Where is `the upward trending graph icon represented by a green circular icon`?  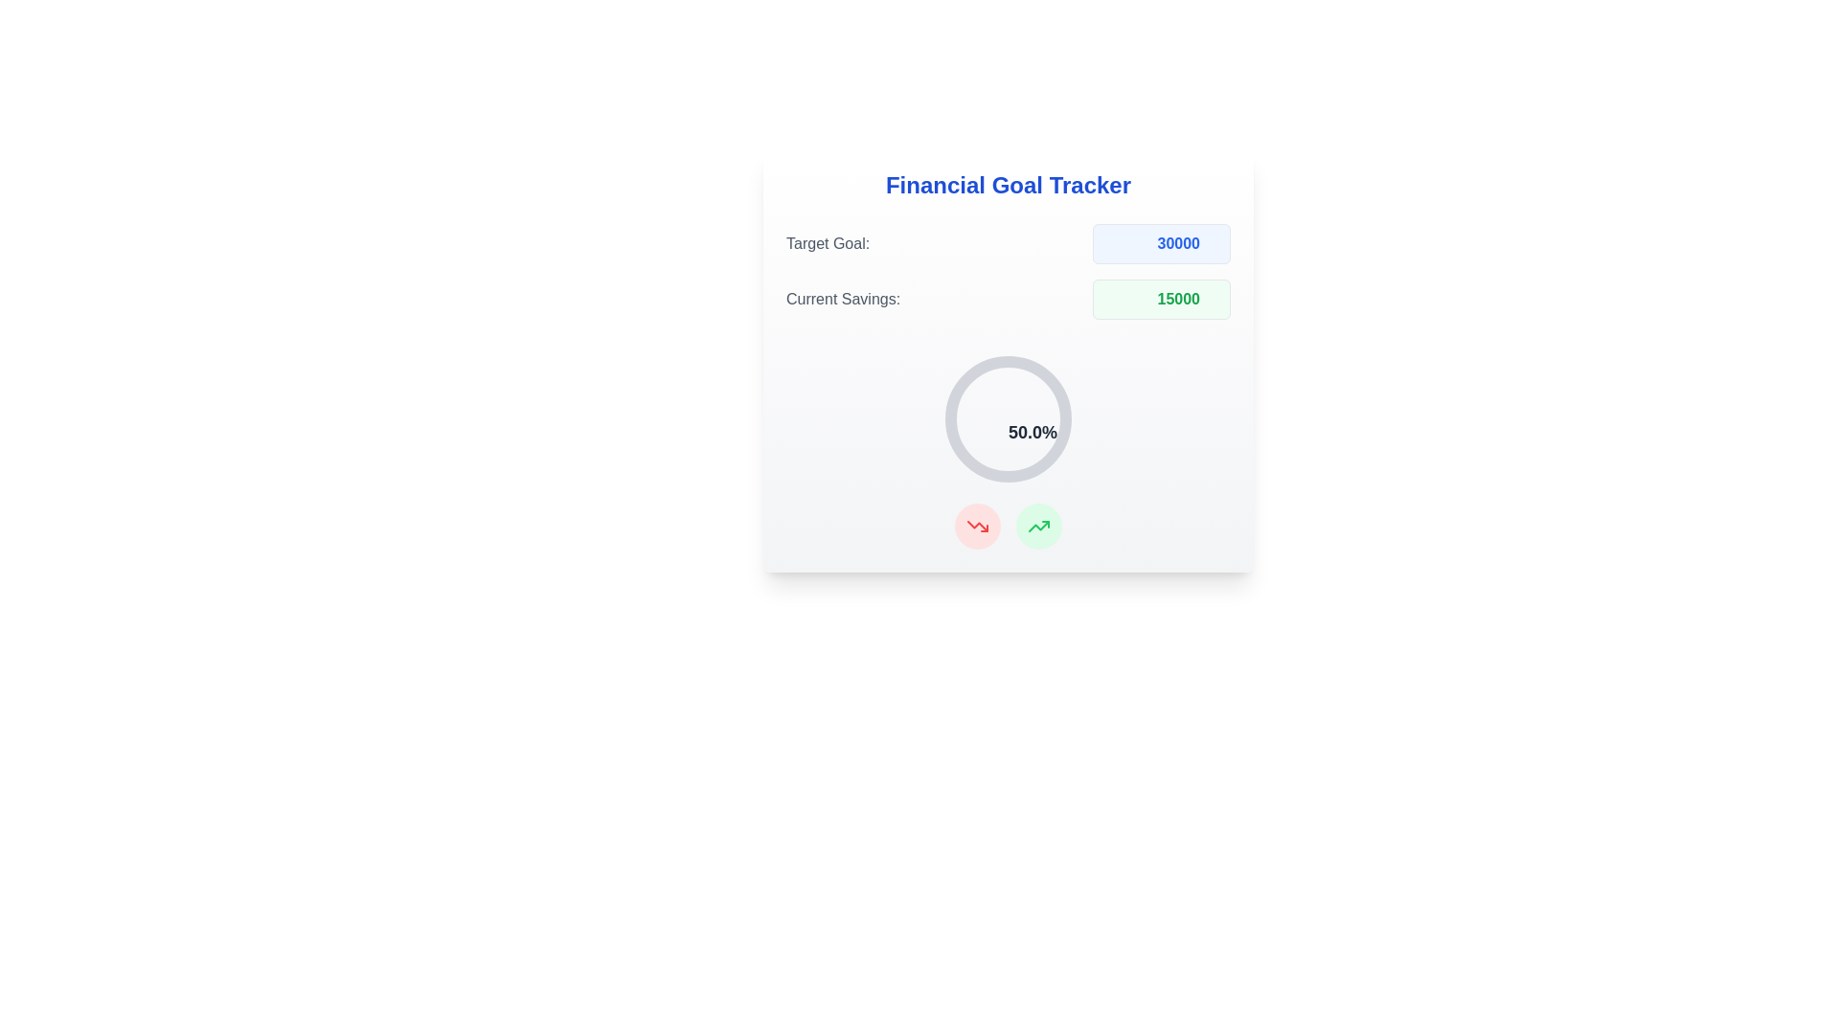 the upward trending graph icon represented by a green circular icon is located at coordinates (1037, 527).